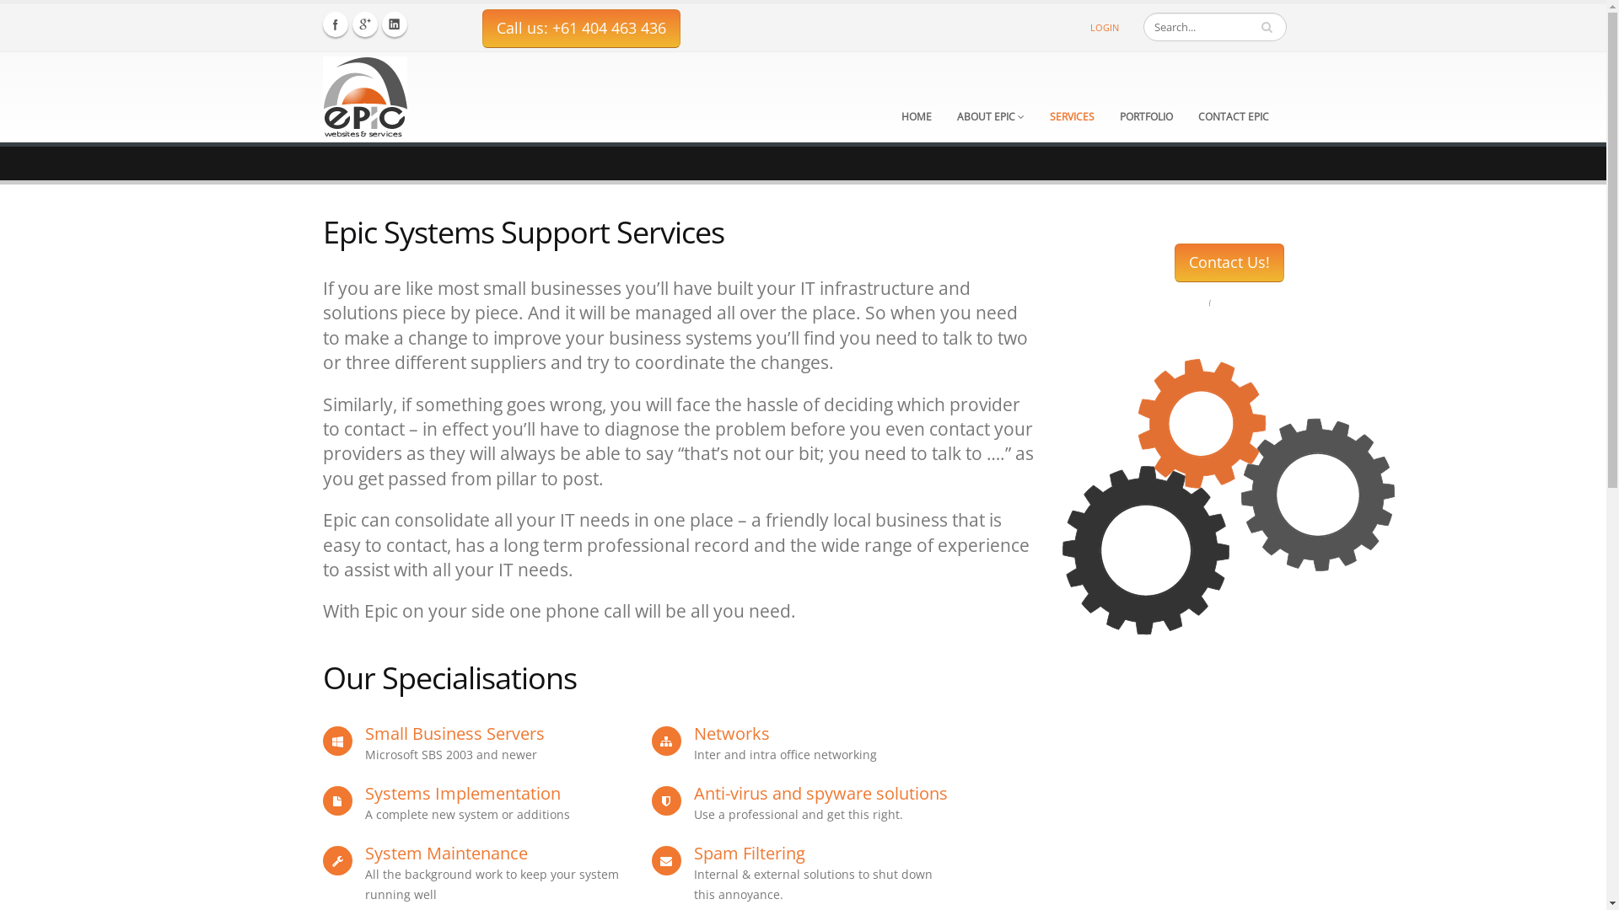 The height and width of the screenshot is (910, 1619). What do you see at coordinates (1268, 26) in the screenshot?
I see `' '` at bounding box center [1268, 26].